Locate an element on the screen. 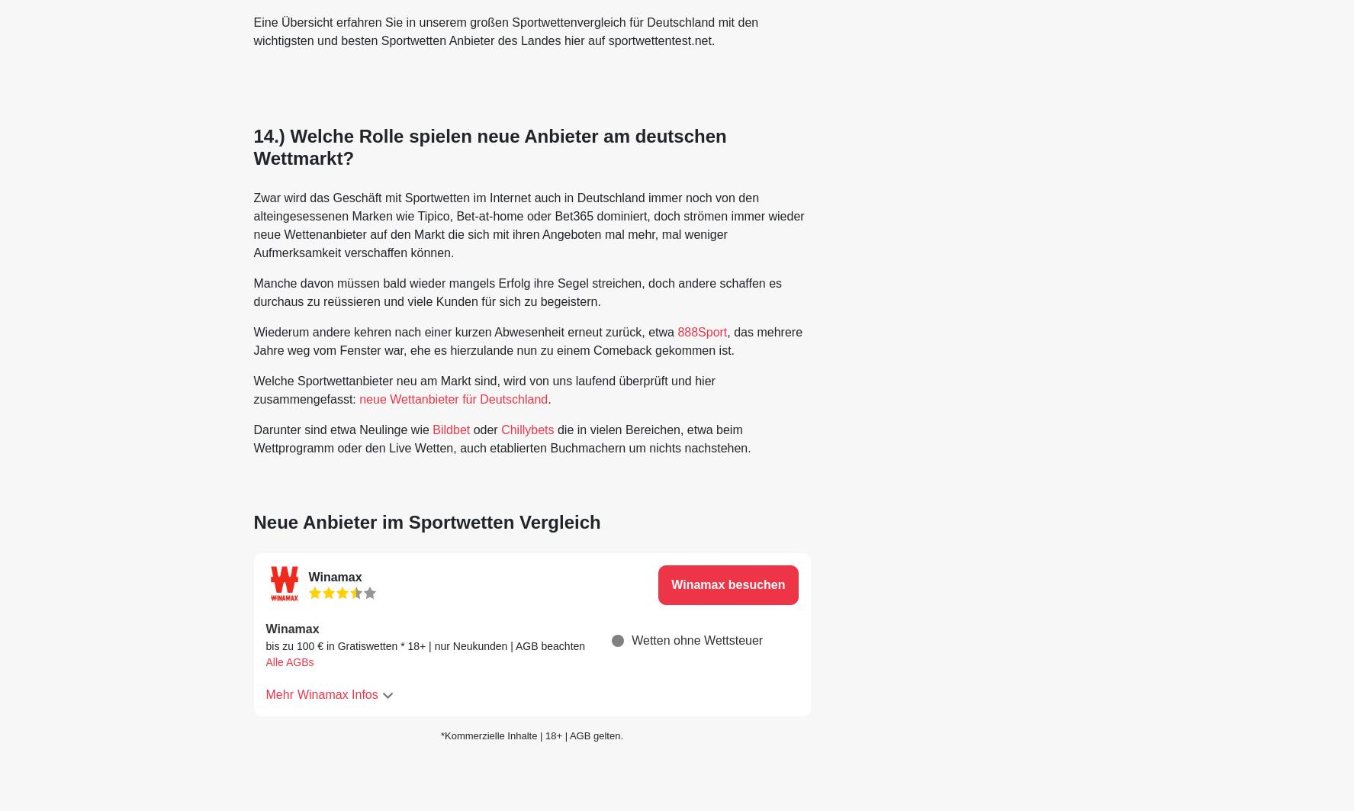  'Neue Anbieter im Sportwetten Vergleich' is located at coordinates (252, 520).